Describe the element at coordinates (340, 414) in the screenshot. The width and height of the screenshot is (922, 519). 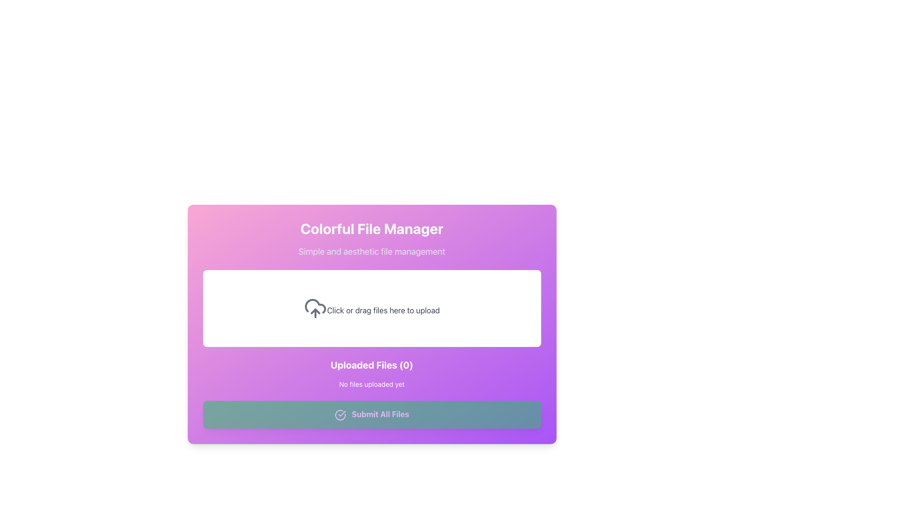
I see `the circular icon with a checkmark inside, styled in a minimalist design with a thin stroke and a transparent center, located to the left of the 'Submit All Files' text within the green button at the bottom of the page` at that location.